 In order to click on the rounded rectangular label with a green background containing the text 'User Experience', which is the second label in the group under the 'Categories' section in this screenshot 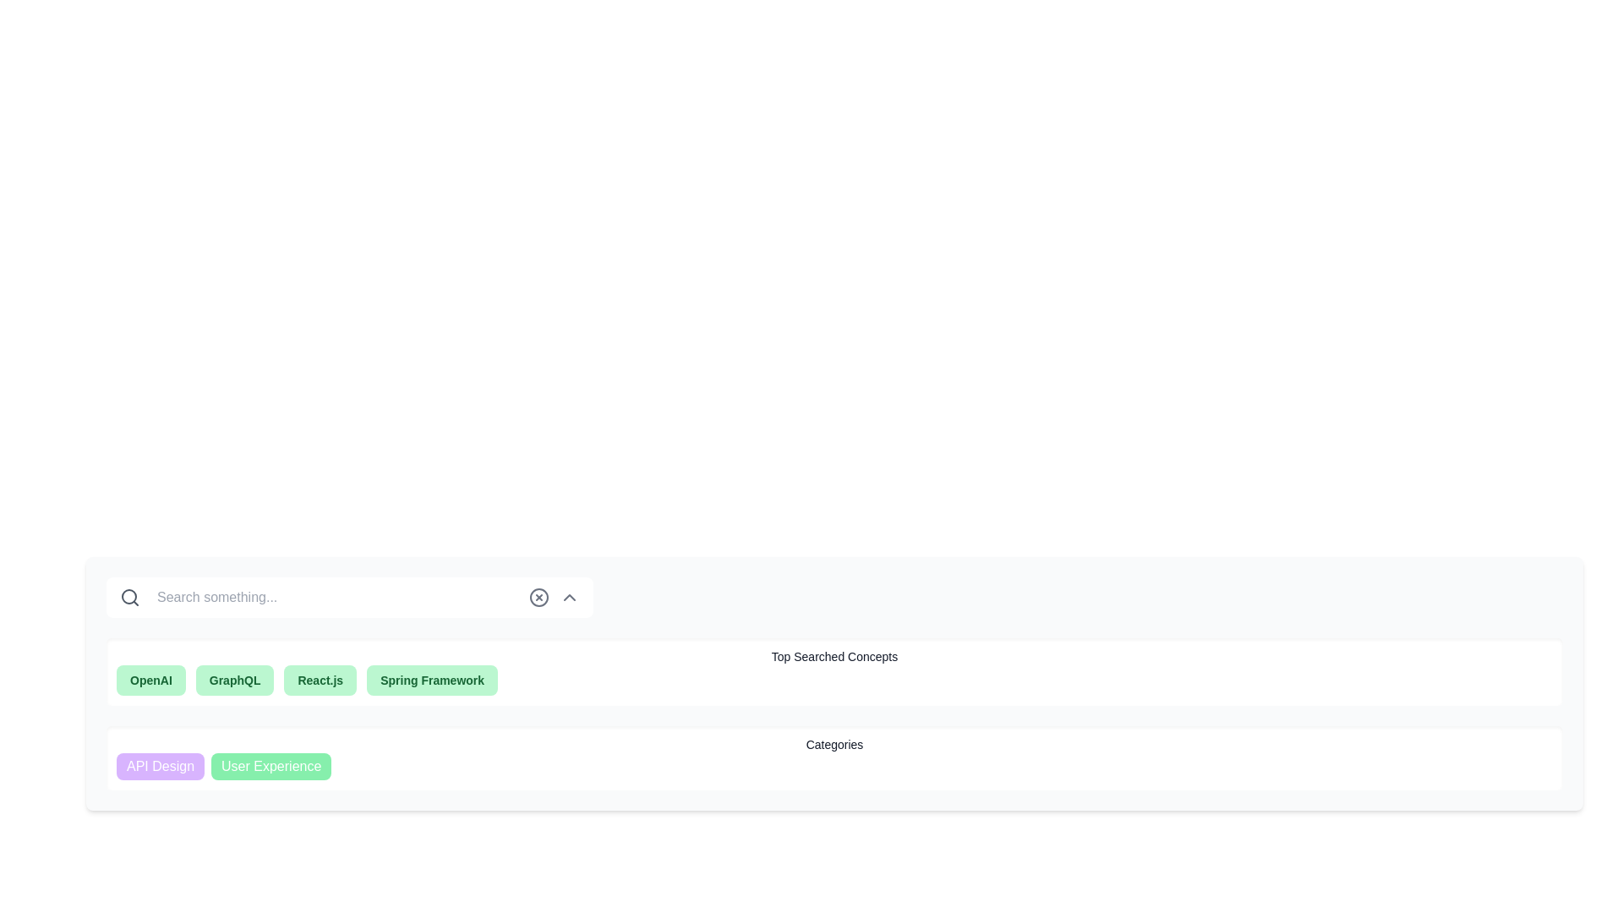, I will do `click(271, 766)`.